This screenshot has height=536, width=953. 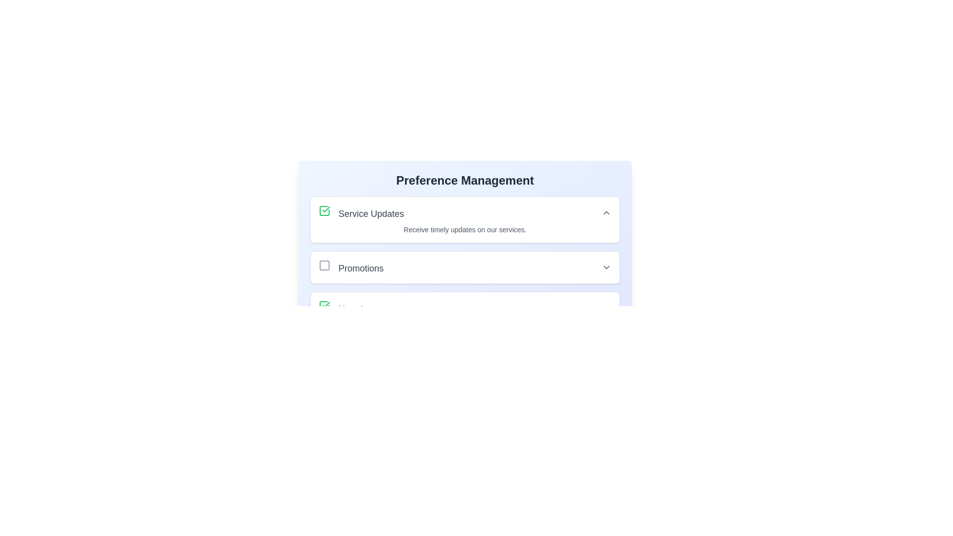 I want to click on over the checkbox located, so click(x=324, y=210).